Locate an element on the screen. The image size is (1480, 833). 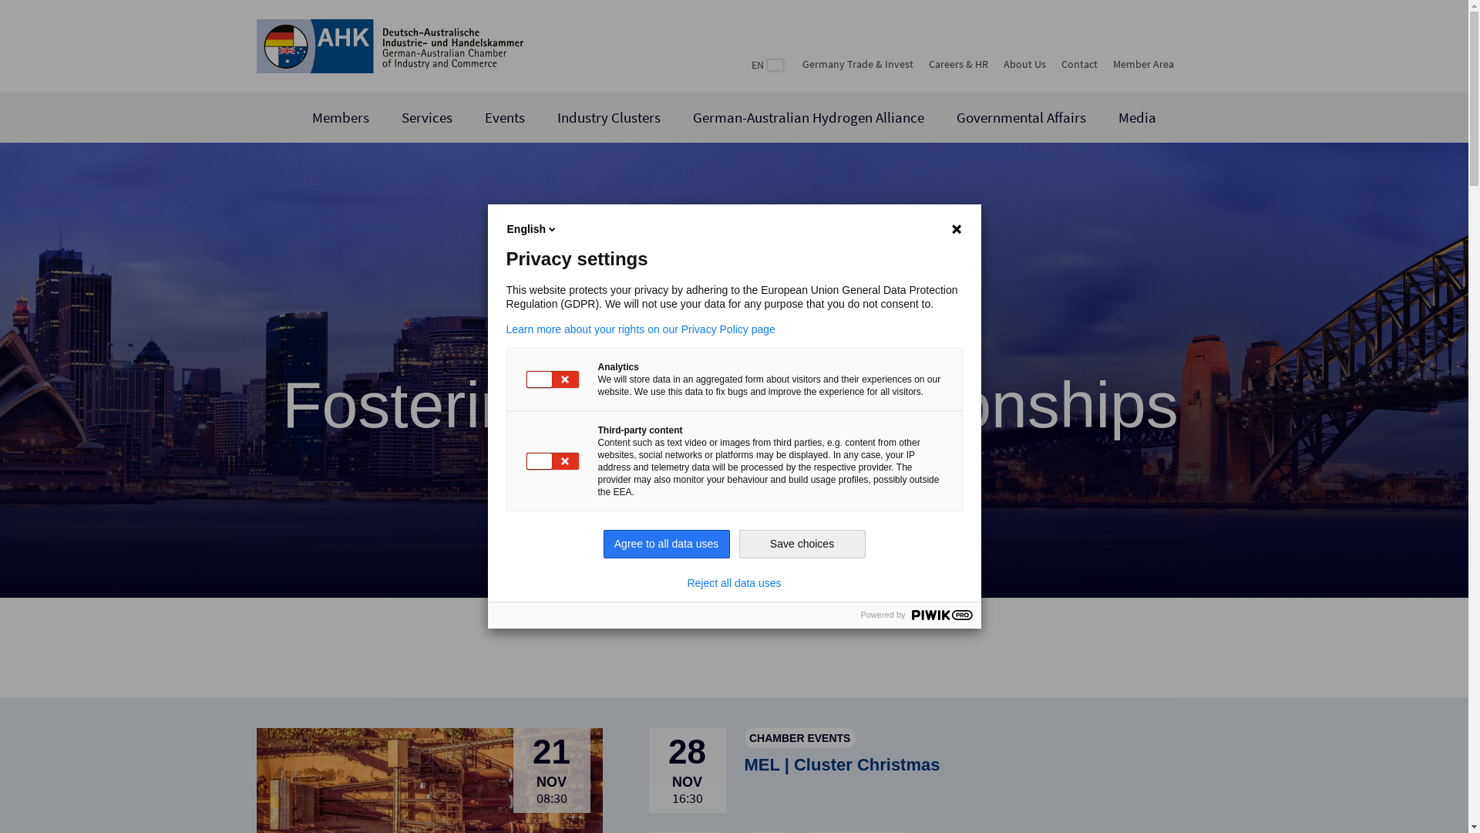
'Contact' is located at coordinates (1078, 63).